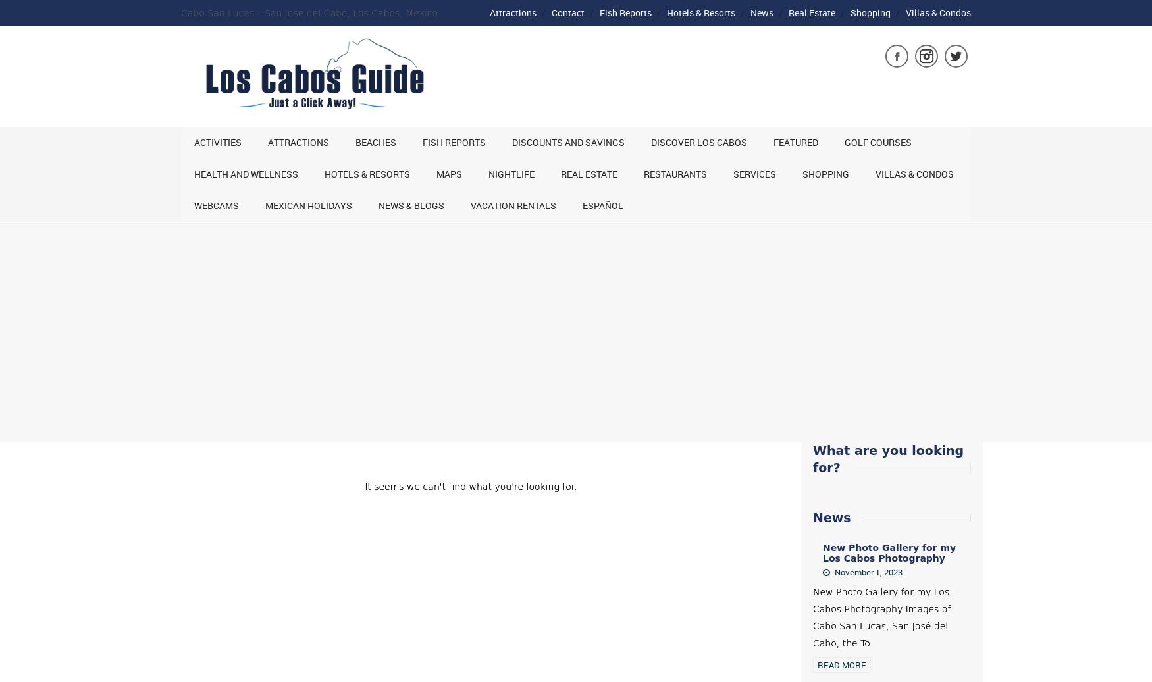 The width and height of the screenshot is (1152, 682). Describe the element at coordinates (568, 141) in the screenshot. I see `'Discounts and Savings'` at that location.